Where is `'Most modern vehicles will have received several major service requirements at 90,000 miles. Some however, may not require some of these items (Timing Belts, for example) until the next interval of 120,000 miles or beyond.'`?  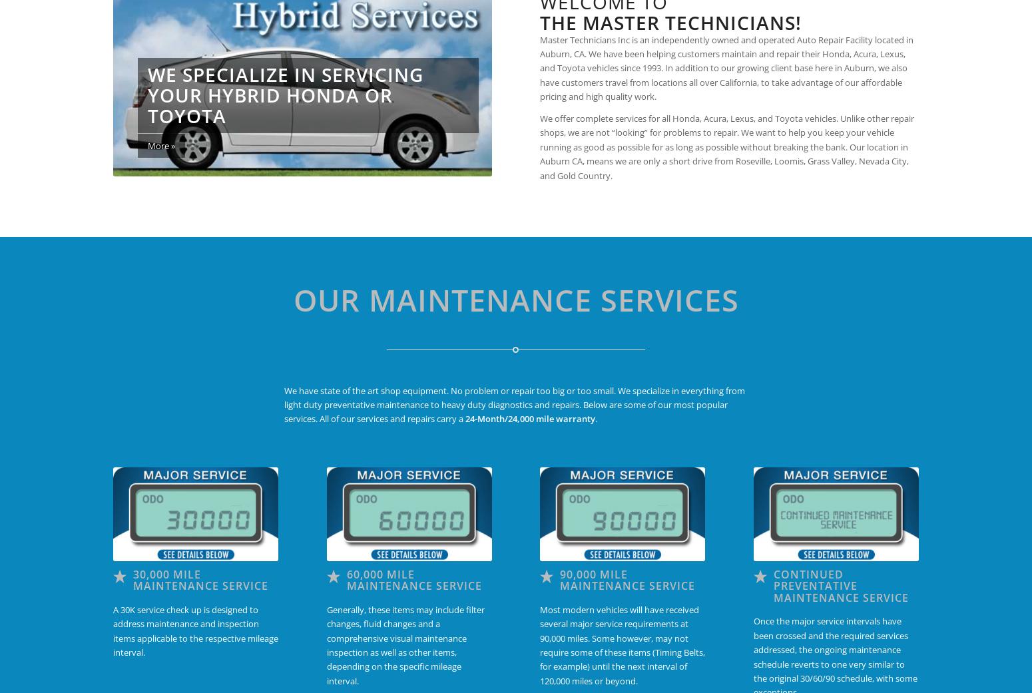
'Most modern vehicles will have received several major service requirements at 90,000 miles. Some however, may not require some of these items (Timing Belts, for example) until the next interval of 120,000 miles or beyond.' is located at coordinates (621, 644).